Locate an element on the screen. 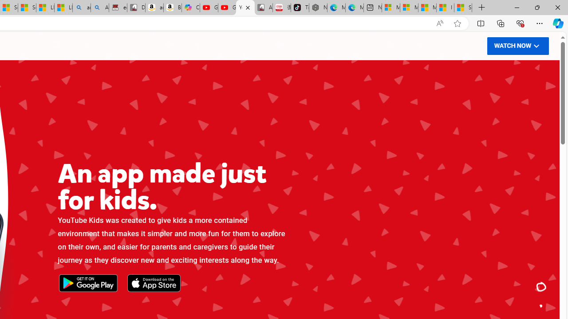 The width and height of the screenshot is (568, 319). 'WATCH NOW' is located at coordinates (517, 46).